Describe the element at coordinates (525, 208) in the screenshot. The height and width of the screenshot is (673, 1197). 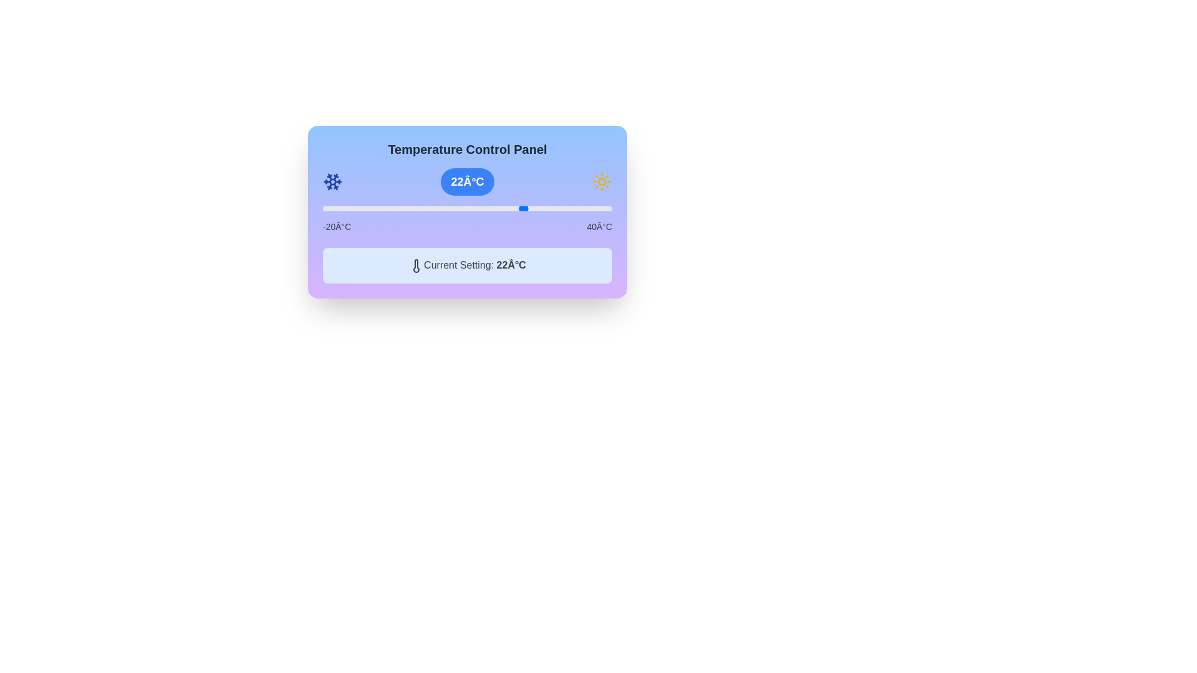
I see `the slider to set the temperature to 22°C` at that location.